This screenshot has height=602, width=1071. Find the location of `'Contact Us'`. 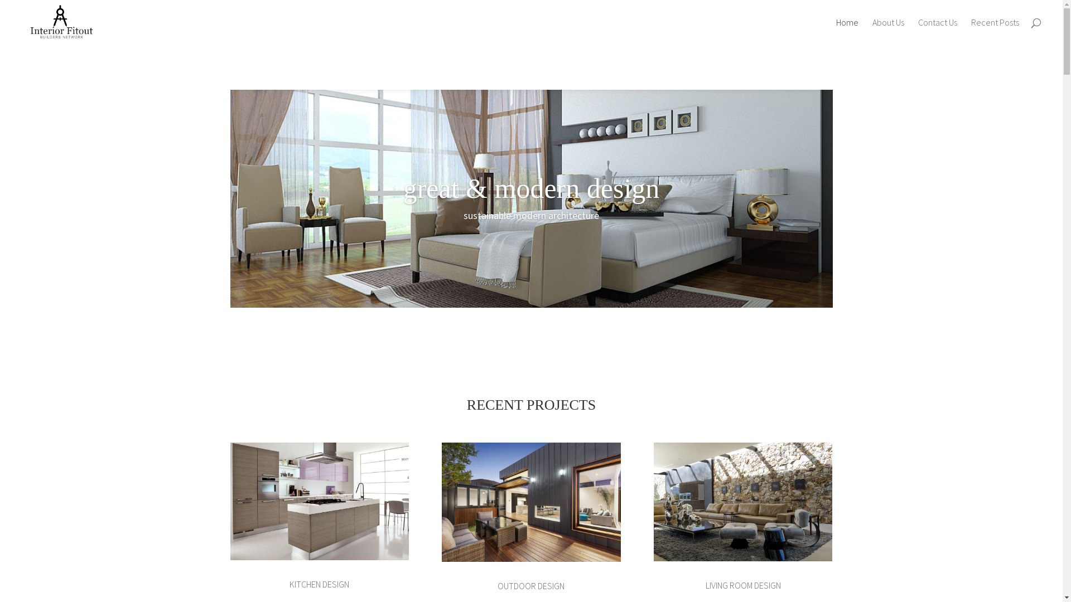

'Contact Us' is located at coordinates (937, 31).